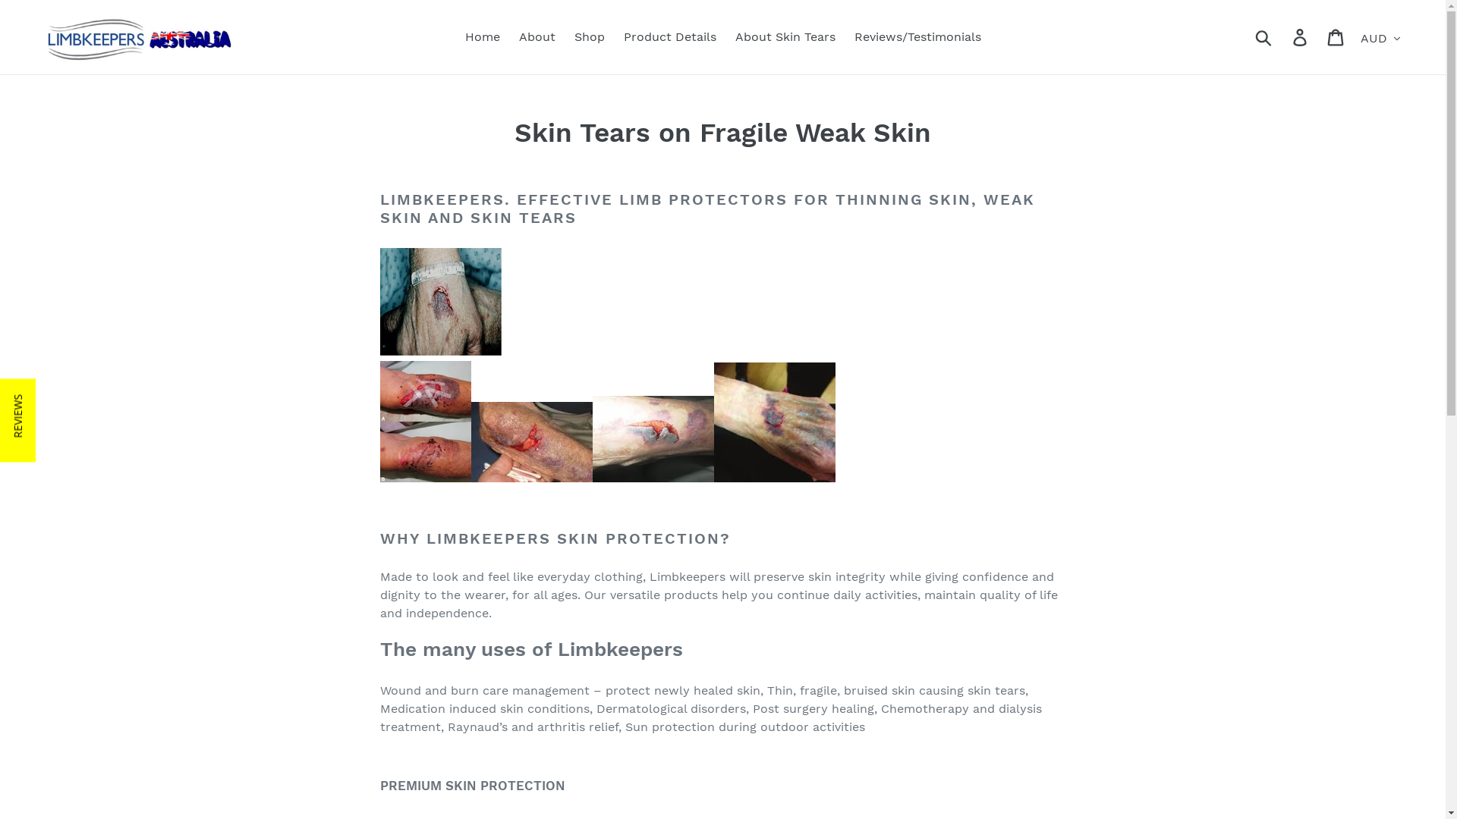  I want to click on 'Cart', so click(1336, 36).